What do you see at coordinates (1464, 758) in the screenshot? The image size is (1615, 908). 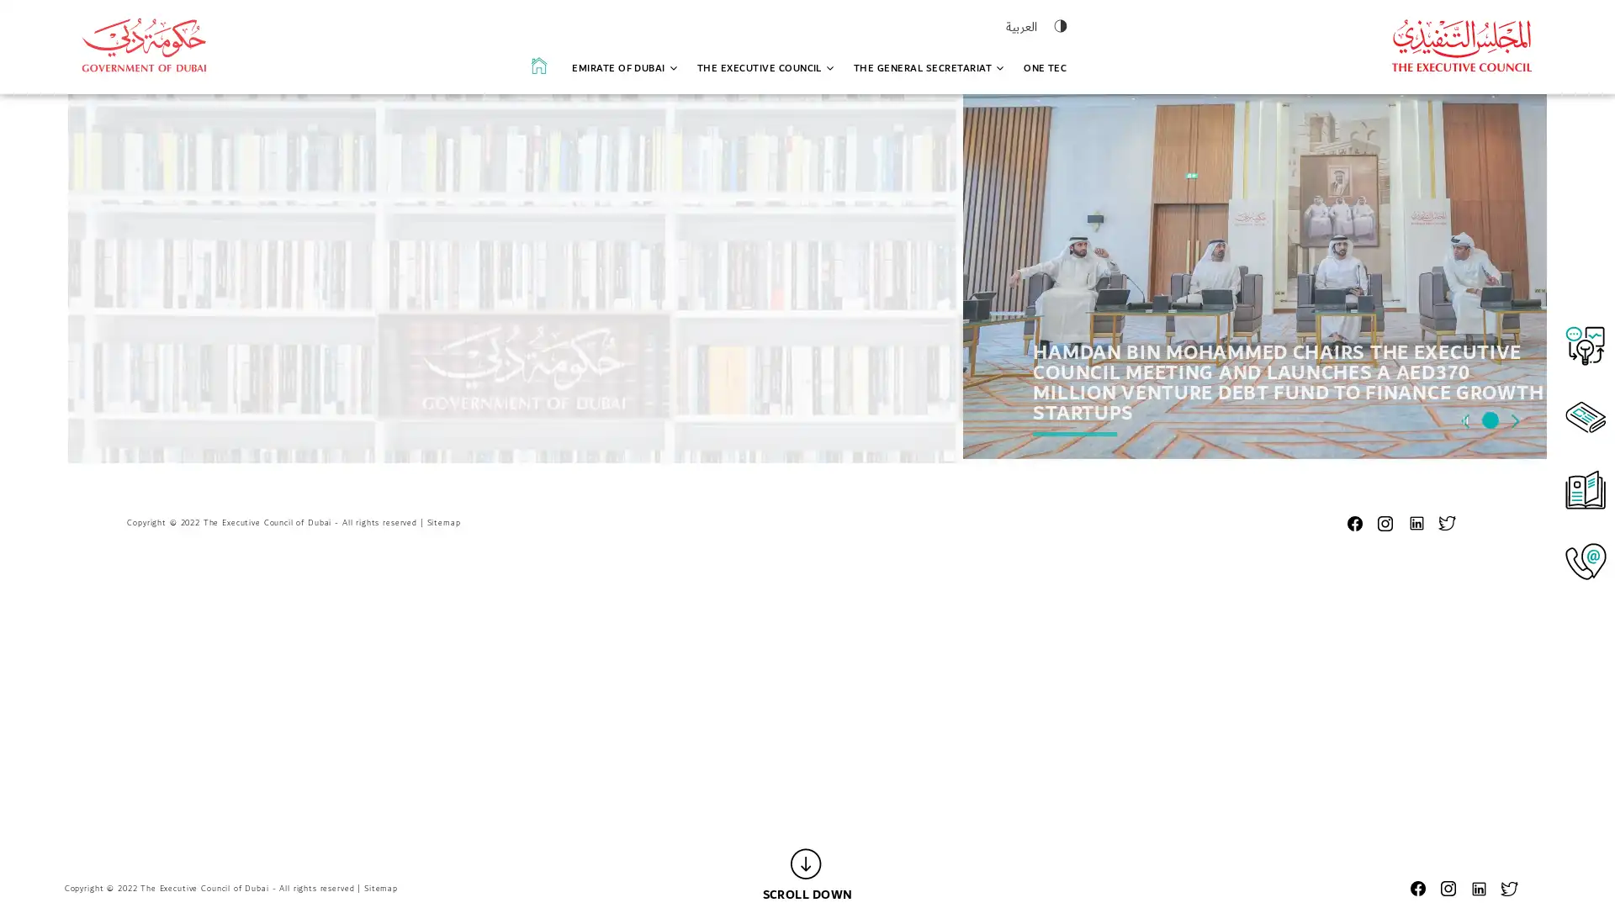 I see `toggle slider` at bounding box center [1464, 758].